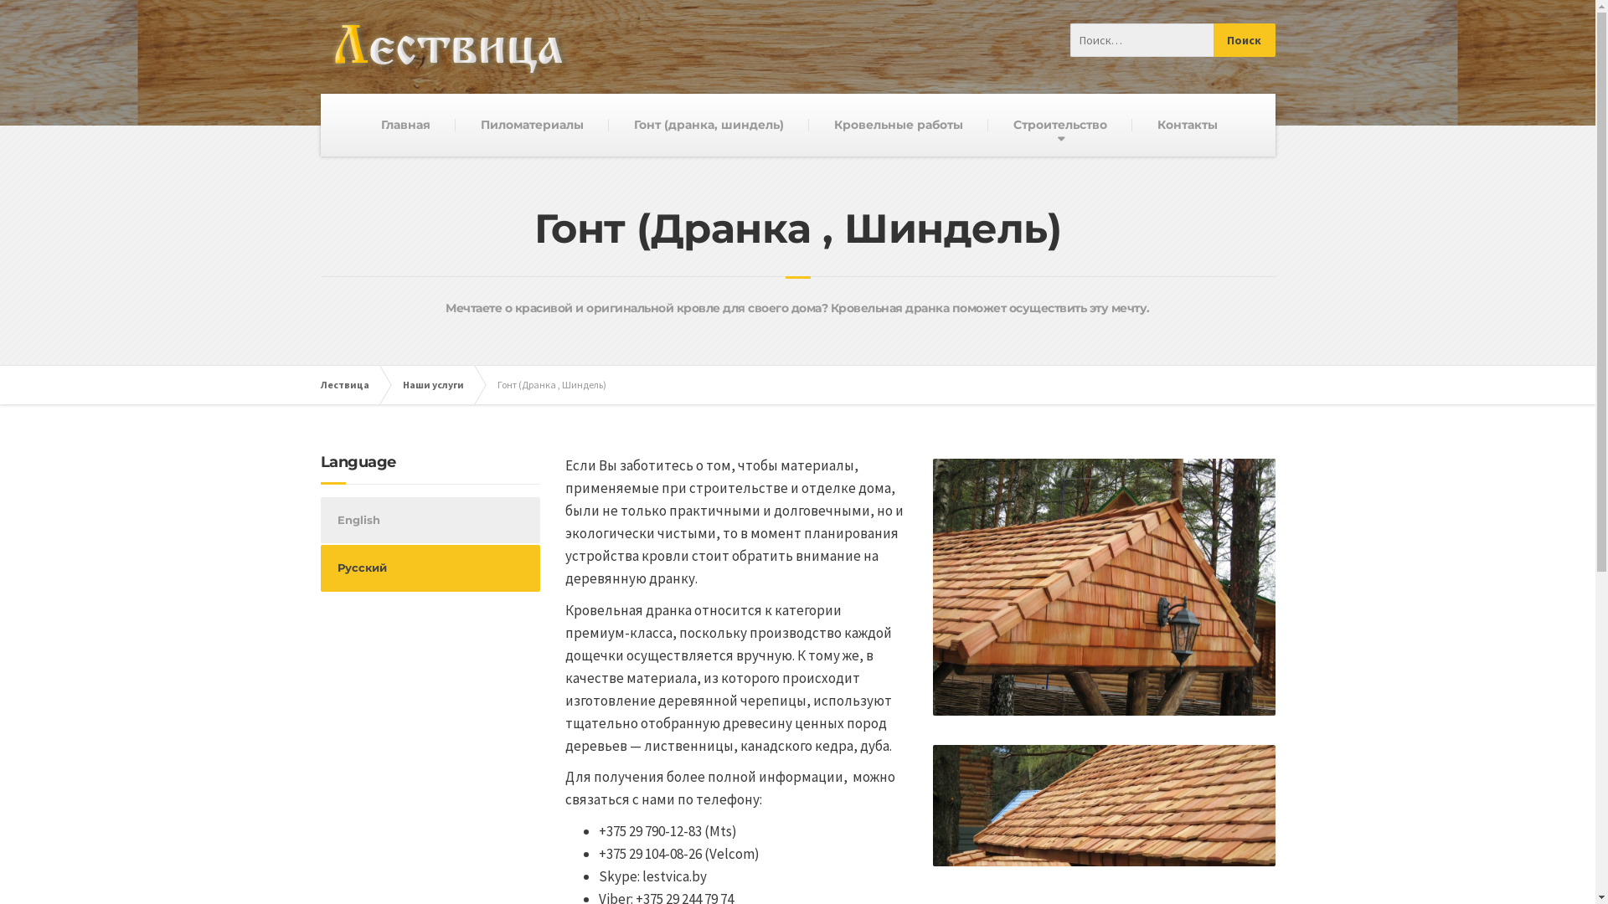 The image size is (1608, 904). What do you see at coordinates (430, 519) in the screenshot?
I see `'English'` at bounding box center [430, 519].